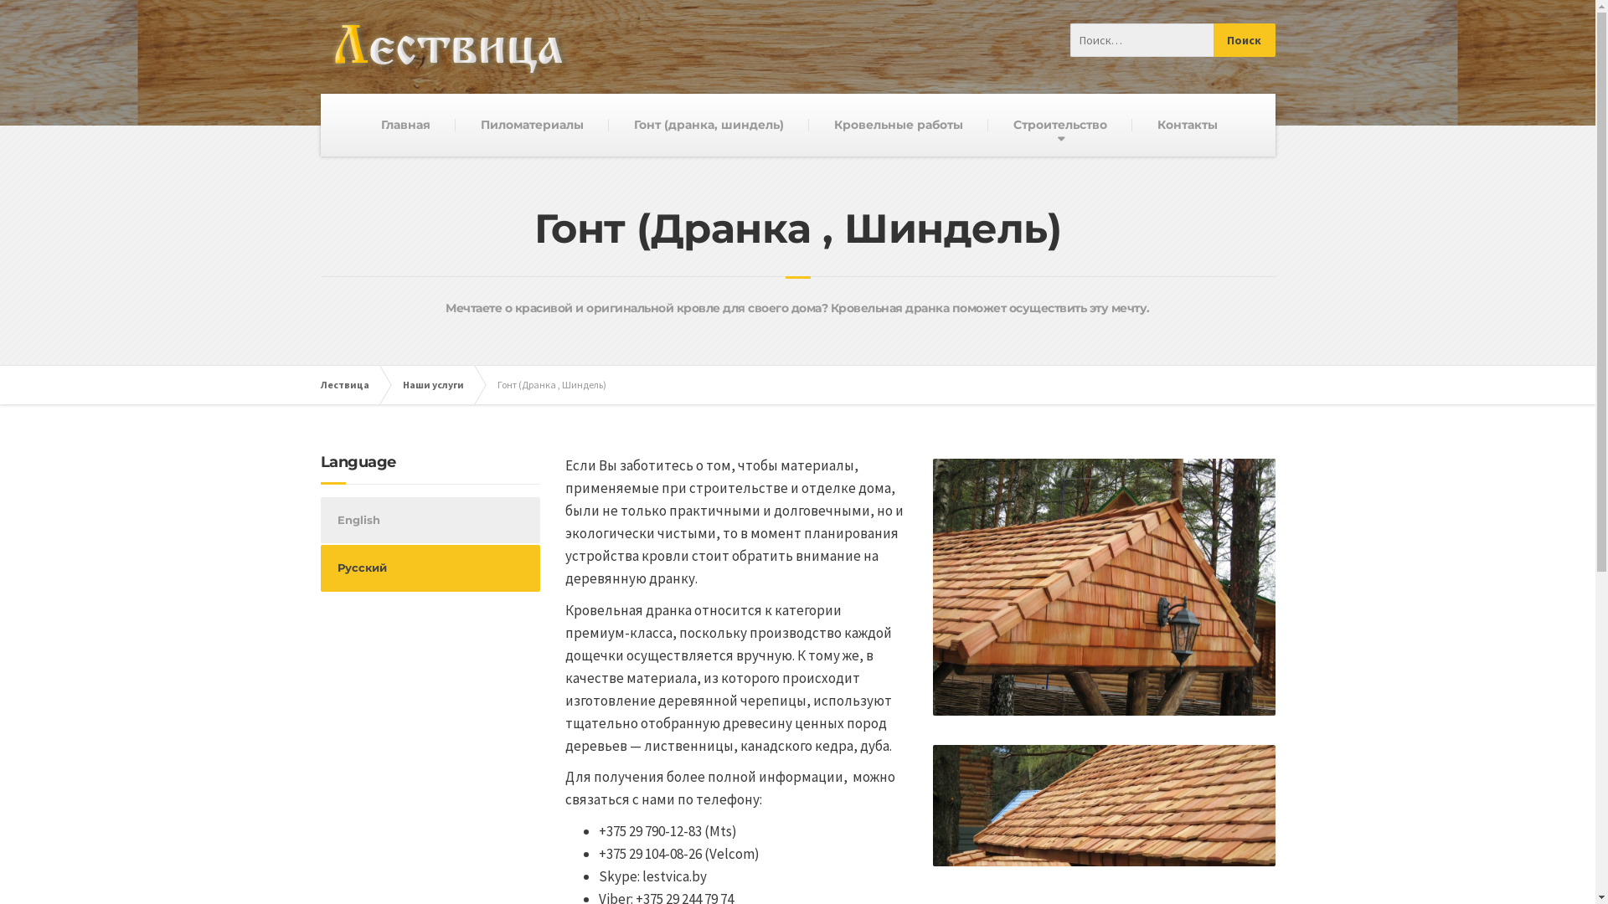 The image size is (1608, 904). What do you see at coordinates (430, 519) in the screenshot?
I see `'English'` at bounding box center [430, 519].